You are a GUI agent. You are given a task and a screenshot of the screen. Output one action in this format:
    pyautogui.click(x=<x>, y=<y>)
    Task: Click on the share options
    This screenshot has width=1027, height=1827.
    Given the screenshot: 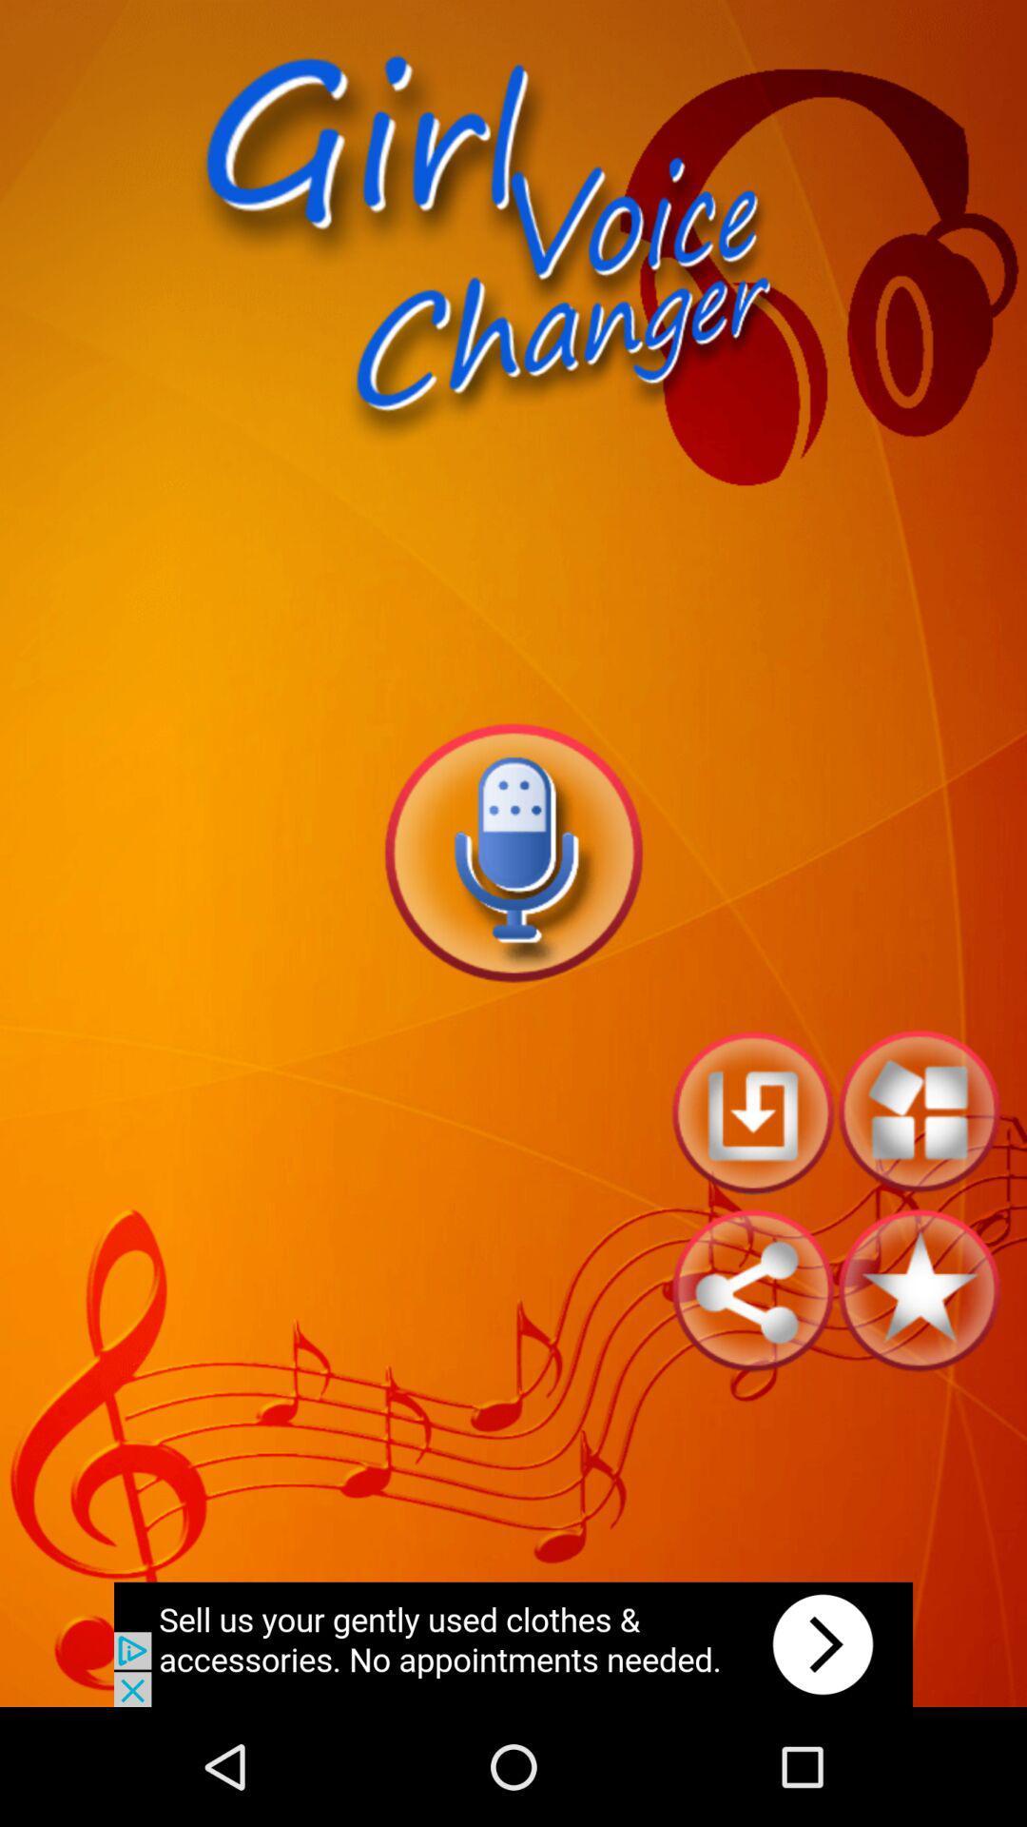 What is the action you would take?
    pyautogui.click(x=751, y=1290)
    